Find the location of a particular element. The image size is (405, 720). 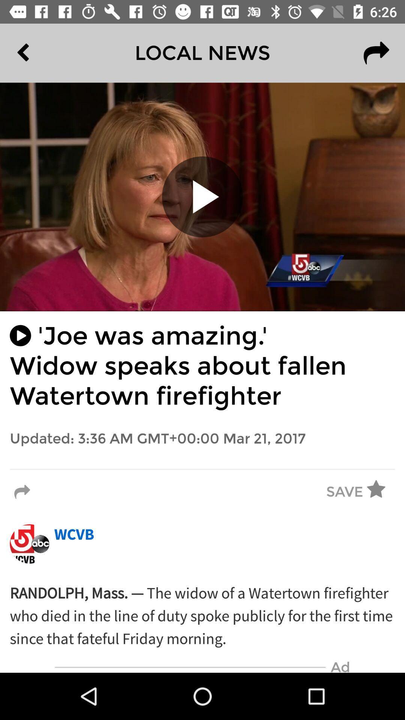

icon above ad icon is located at coordinates (202, 616).